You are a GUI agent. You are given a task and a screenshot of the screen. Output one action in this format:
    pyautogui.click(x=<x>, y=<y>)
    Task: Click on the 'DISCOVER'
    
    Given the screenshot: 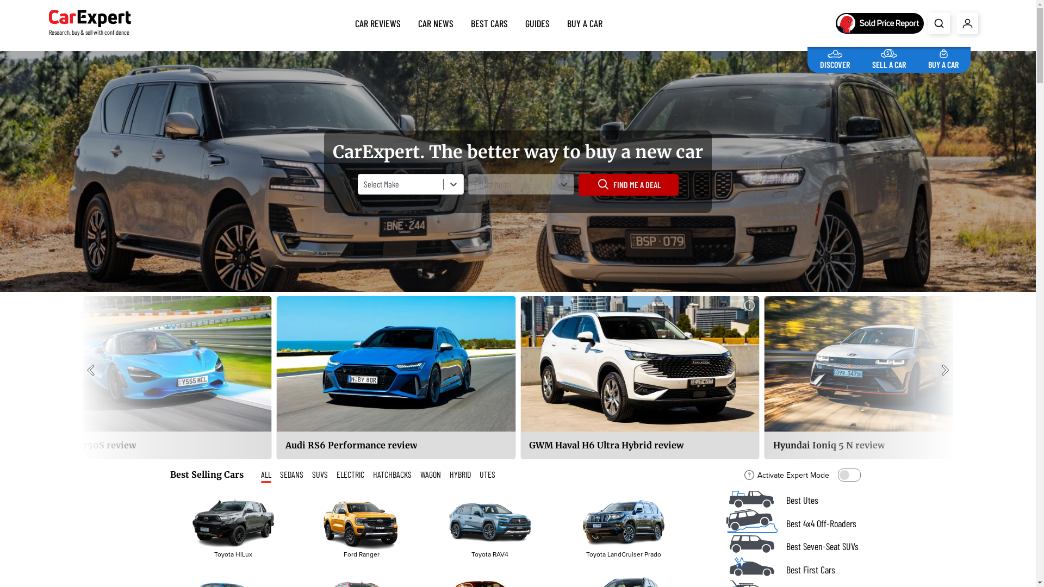 What is the action you would take?
    pyautogui.click(x=834, y=57)
    